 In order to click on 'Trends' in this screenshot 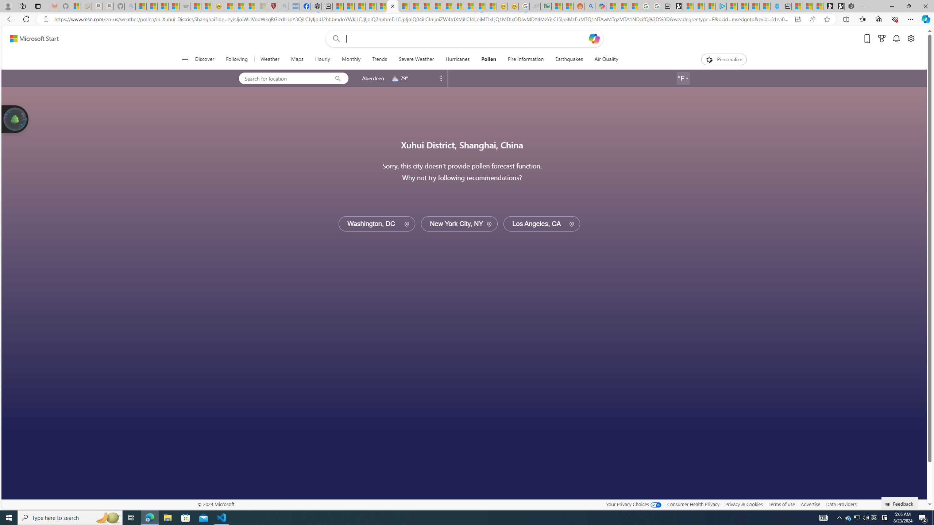, I will do `click(379, 59)`.